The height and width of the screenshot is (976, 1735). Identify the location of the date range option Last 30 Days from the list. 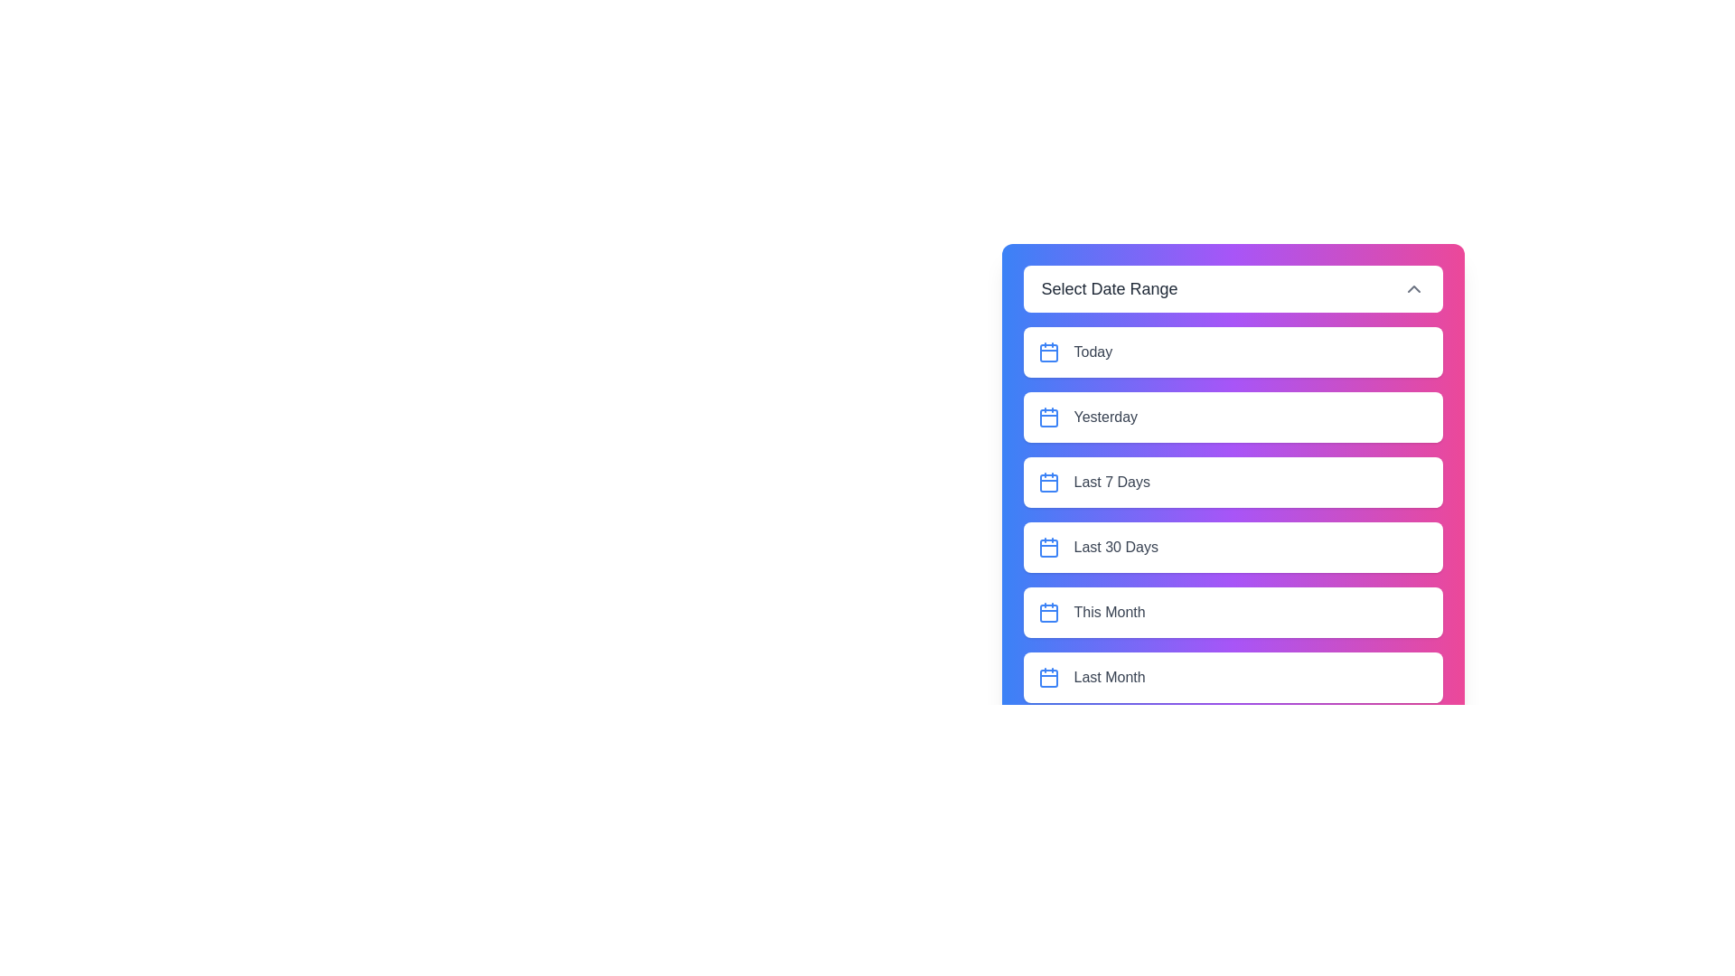
(1232, 546).